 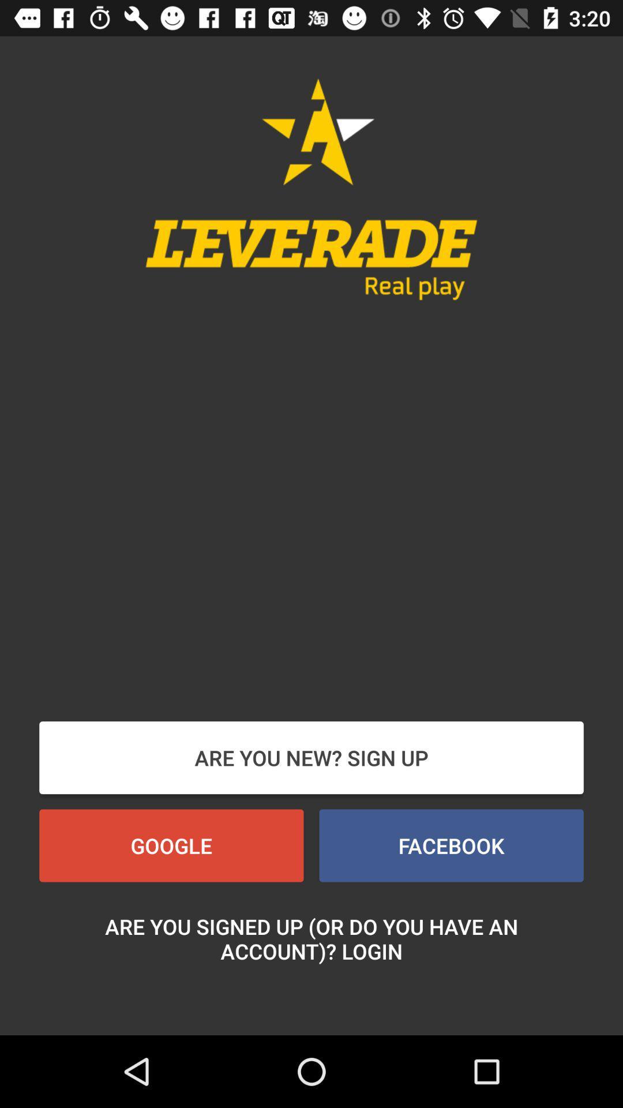 I want to click on google, so click(x=171, y=845).